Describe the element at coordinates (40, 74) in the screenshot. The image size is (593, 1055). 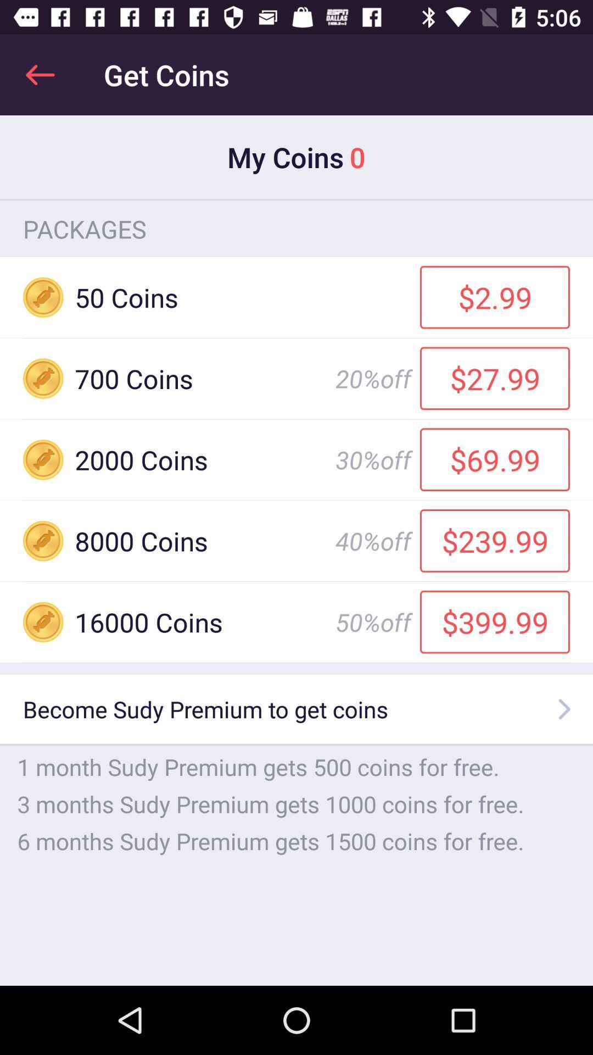
I see `go back` at that location.